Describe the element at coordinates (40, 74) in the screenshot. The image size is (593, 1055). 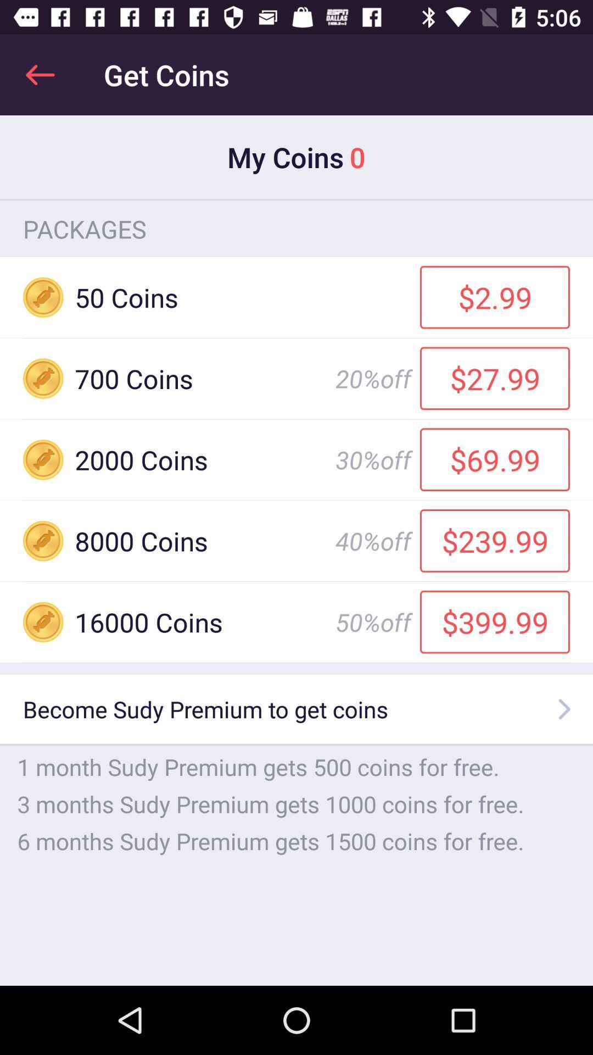
I see `go back` at that location.